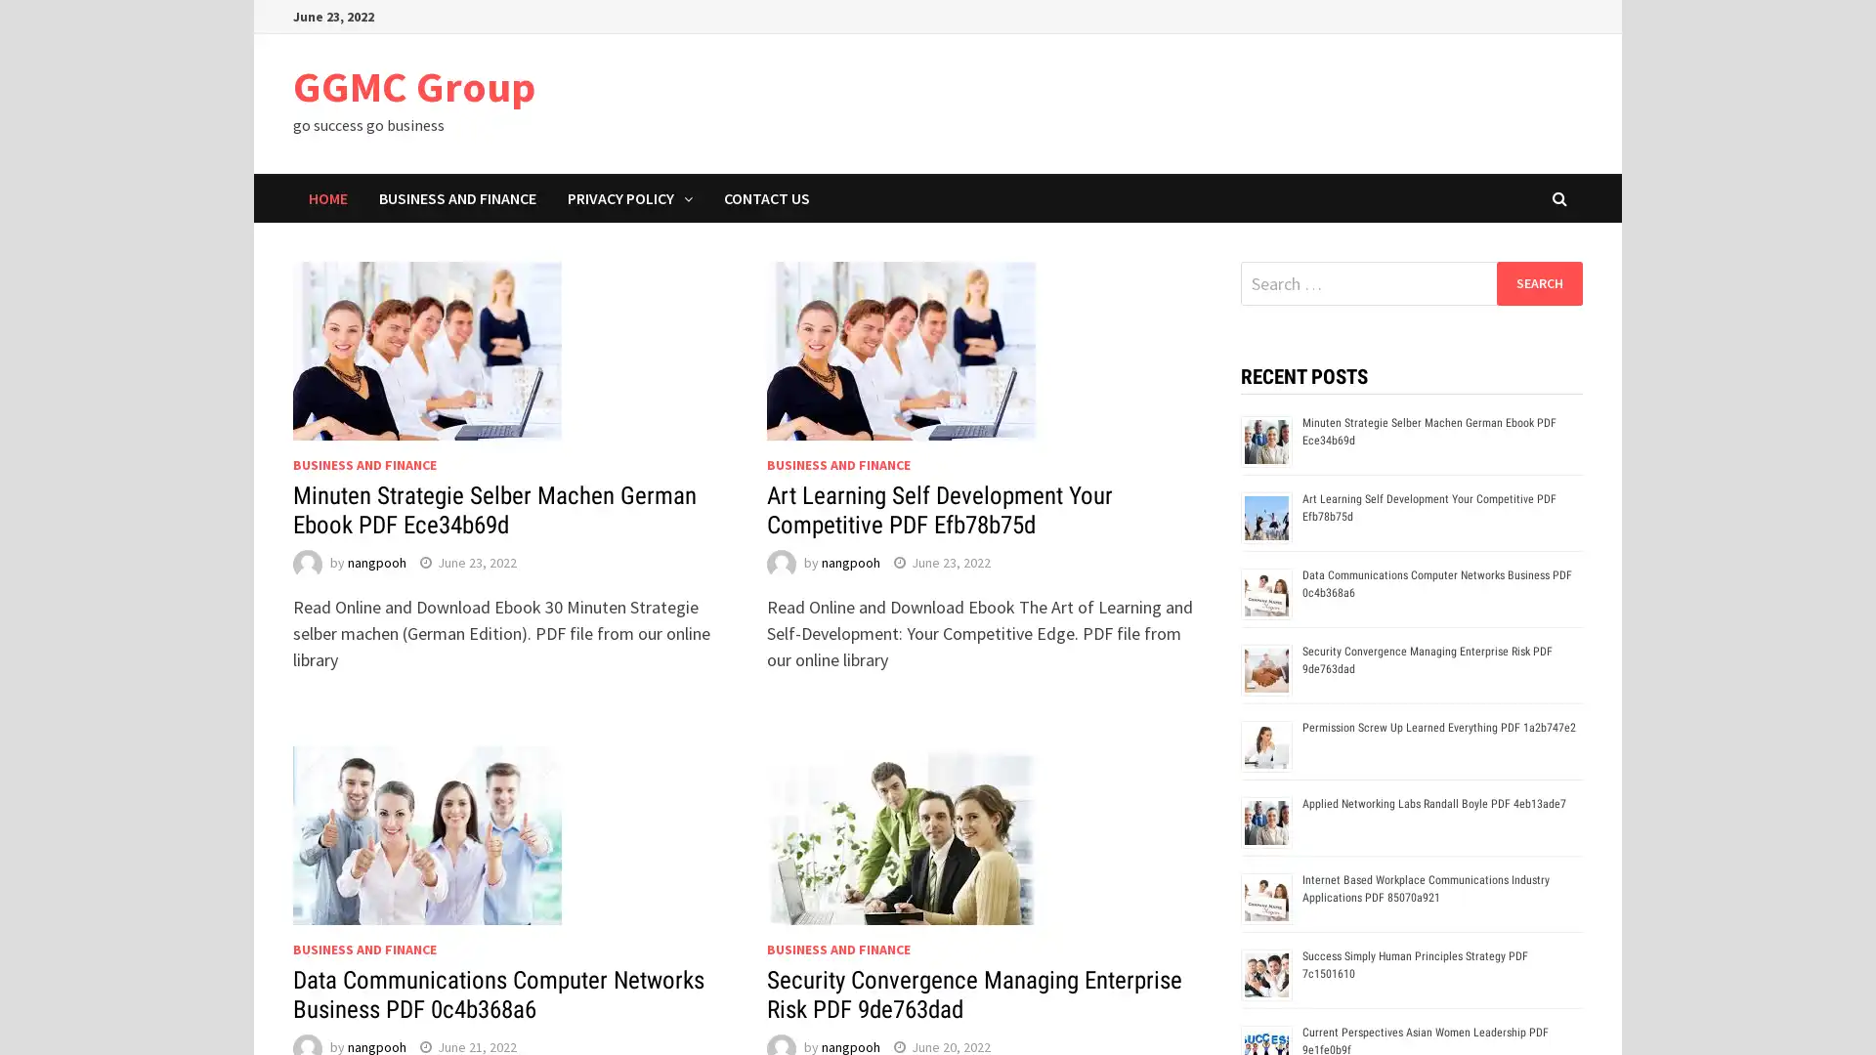 The image size is (1876, 1055). What do you see at coordinates (1538, 282) in the screenshot?
I see `Search` at bounding box center [1538, 282].